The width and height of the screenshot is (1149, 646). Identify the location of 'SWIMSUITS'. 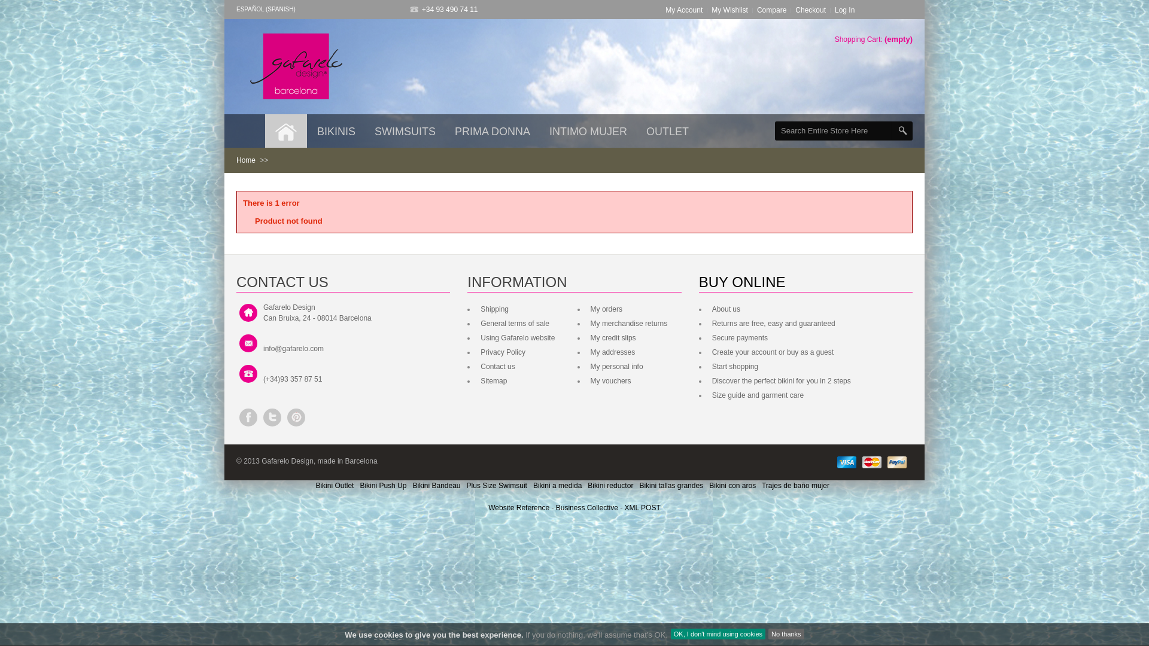
(405, 131).